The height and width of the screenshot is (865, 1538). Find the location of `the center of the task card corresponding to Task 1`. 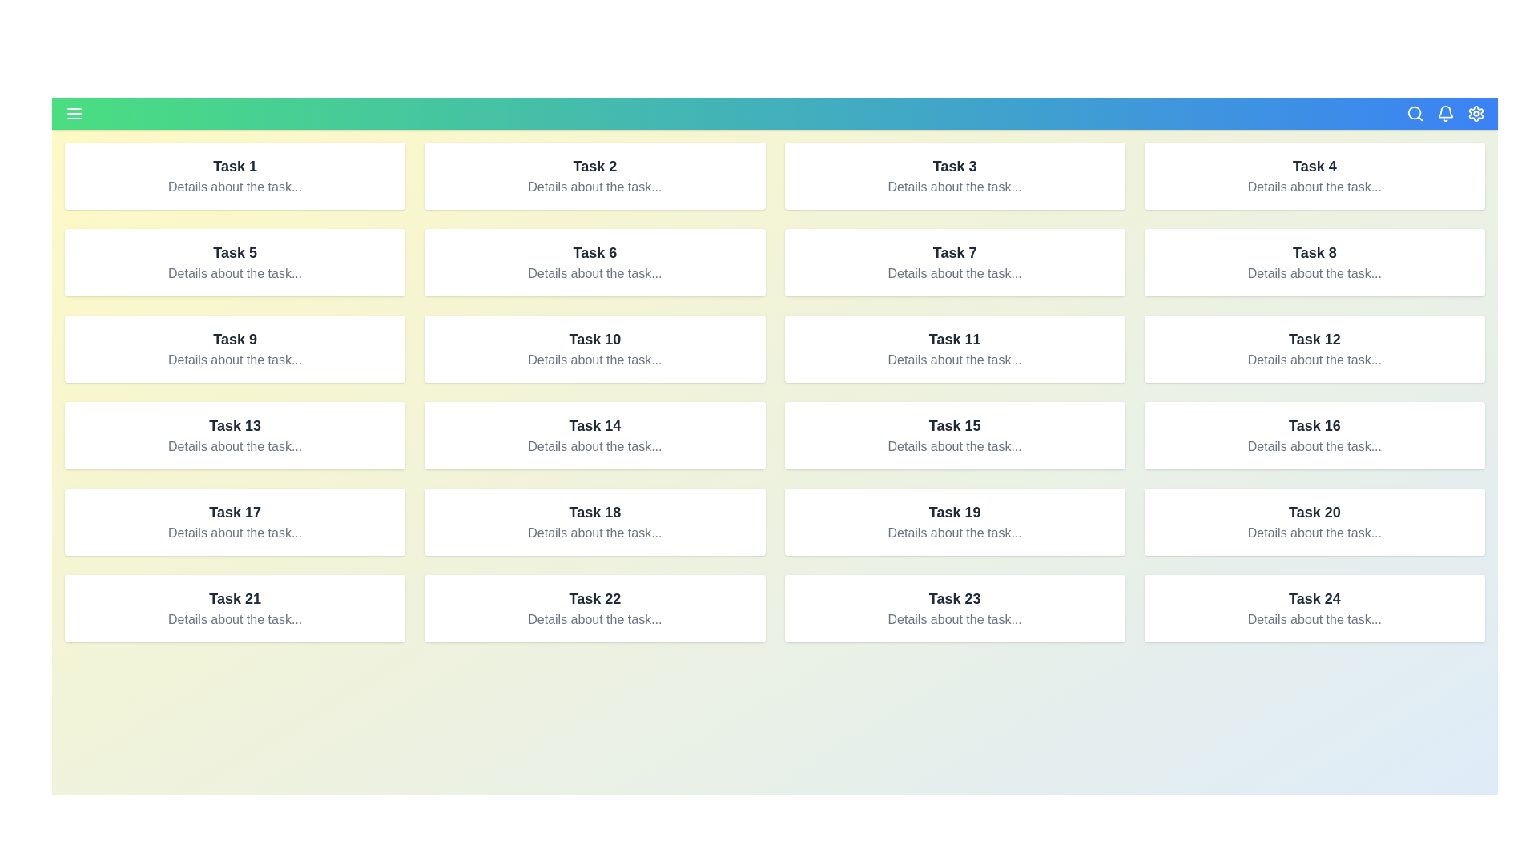

the center of the task card corresponding to Task 1 is located at coordinates (234, 175).